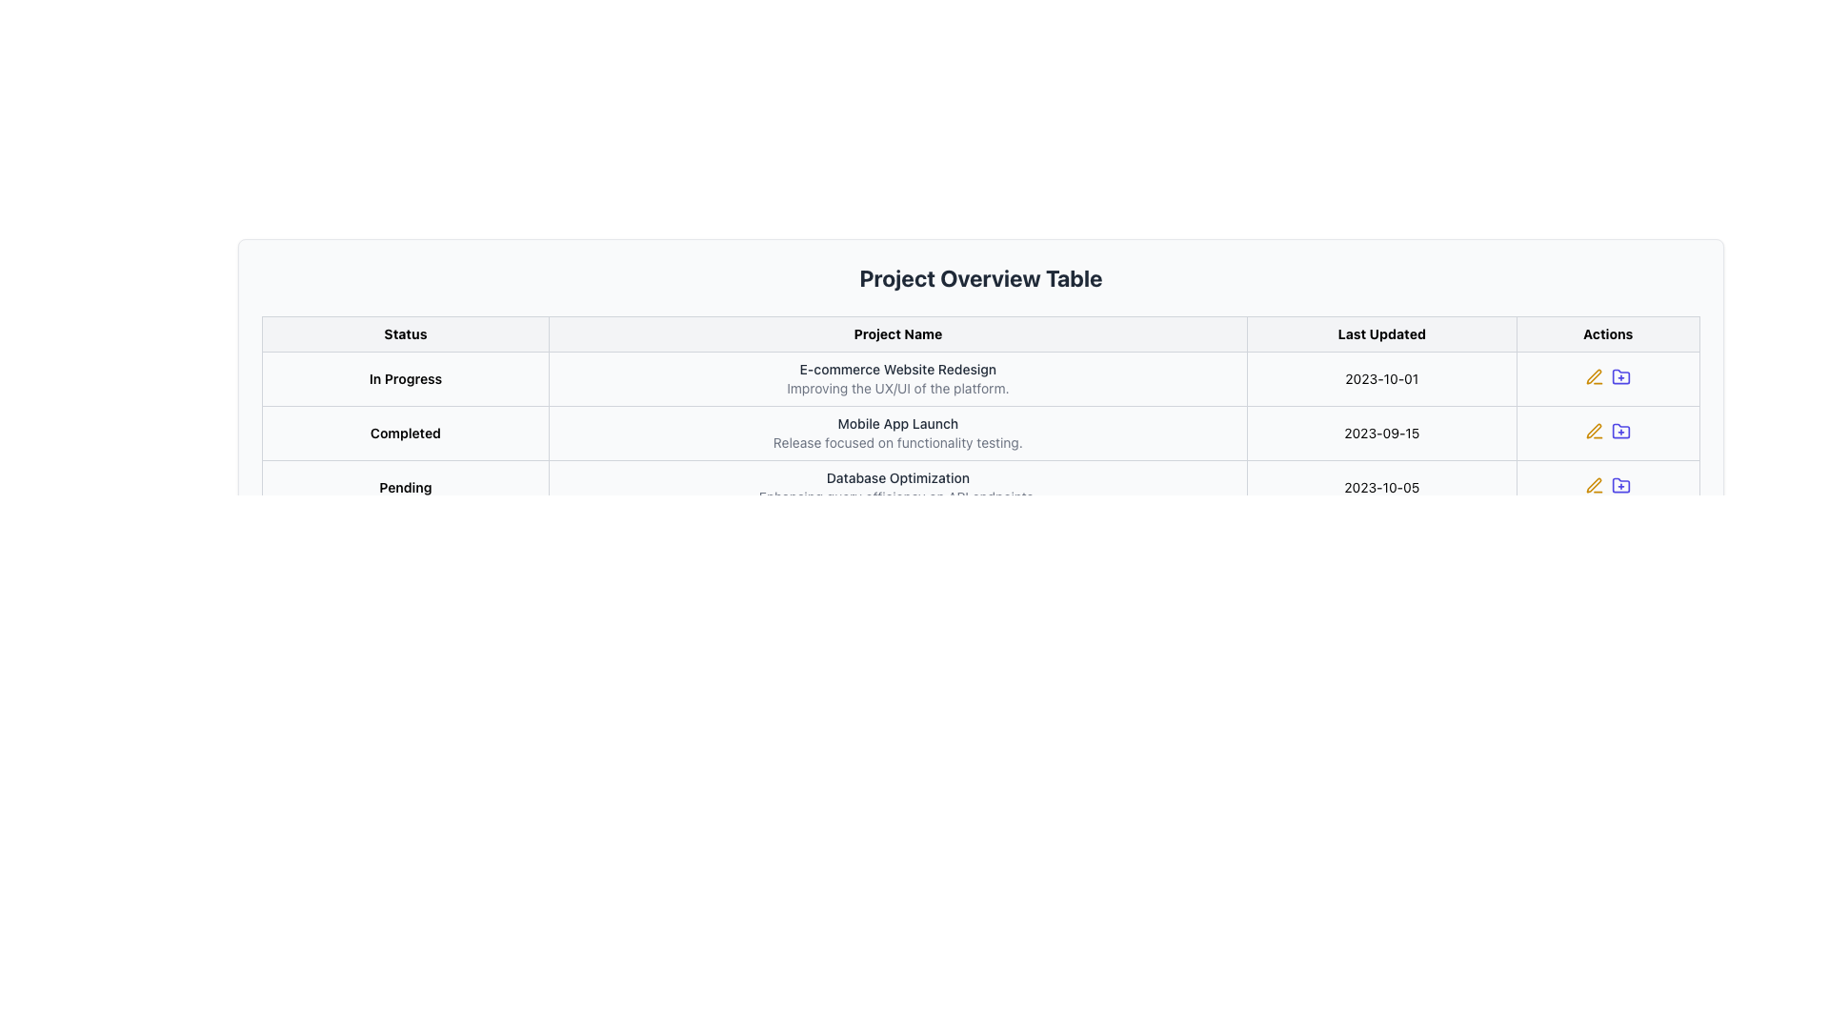  What do you see at coordinates (1620, 376) in the screenshot?
I see `the plus icon located in the top row of the 'Actions' column` at bounding box center [1620, 376].